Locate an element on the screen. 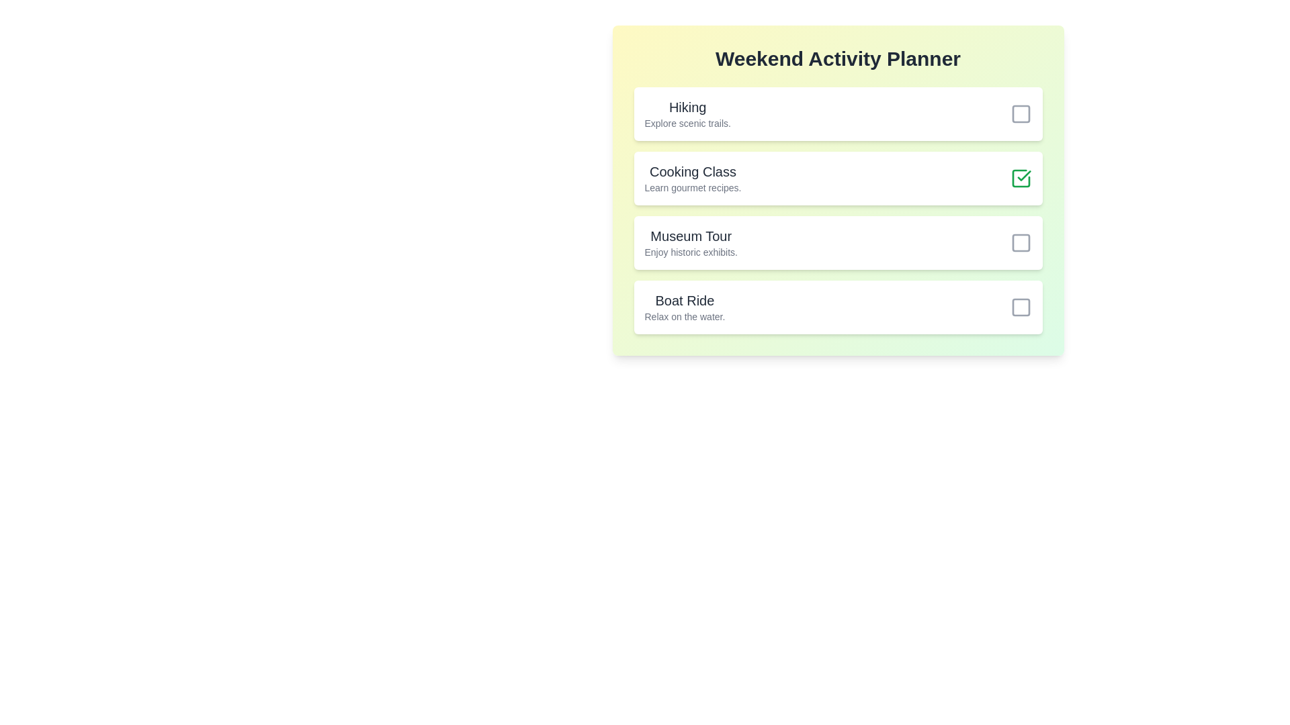 The width and height of the screenshot is (1290, 725). the activity 'Hiking' is located at coordinates (1021, 113).